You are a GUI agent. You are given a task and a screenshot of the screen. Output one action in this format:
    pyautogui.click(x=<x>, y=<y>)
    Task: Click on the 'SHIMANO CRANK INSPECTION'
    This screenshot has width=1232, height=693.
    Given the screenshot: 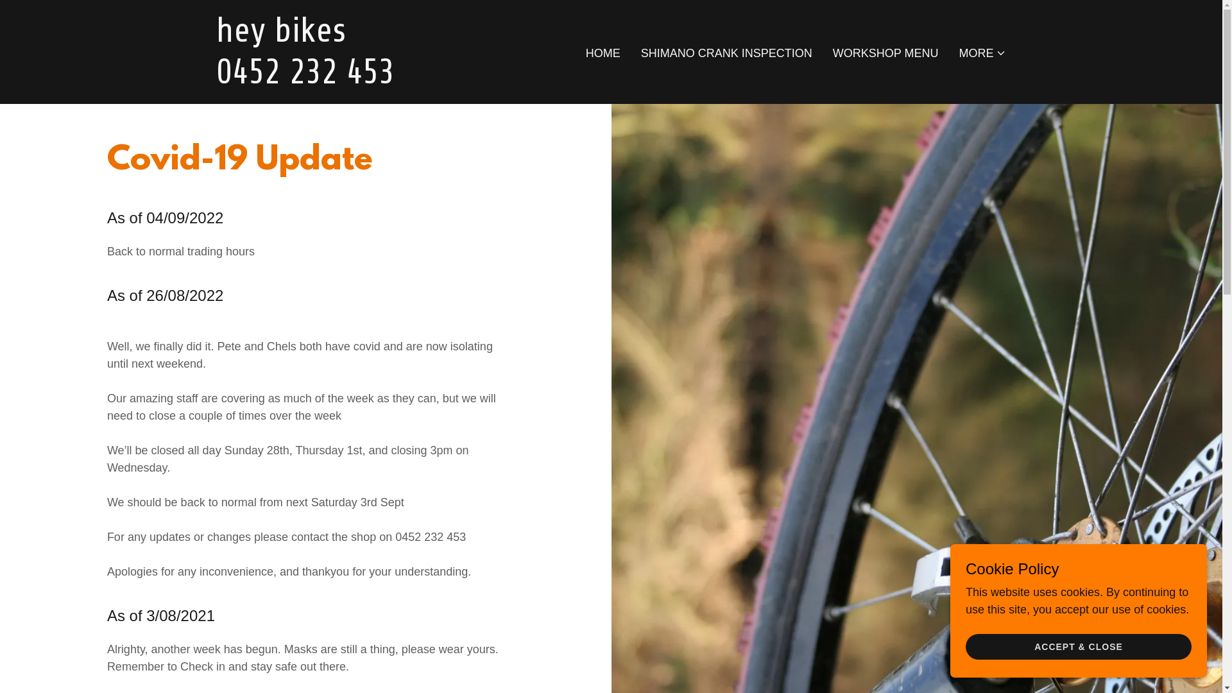 What is the action you would take?
    pyautogui.click(x=637, y=53)
    